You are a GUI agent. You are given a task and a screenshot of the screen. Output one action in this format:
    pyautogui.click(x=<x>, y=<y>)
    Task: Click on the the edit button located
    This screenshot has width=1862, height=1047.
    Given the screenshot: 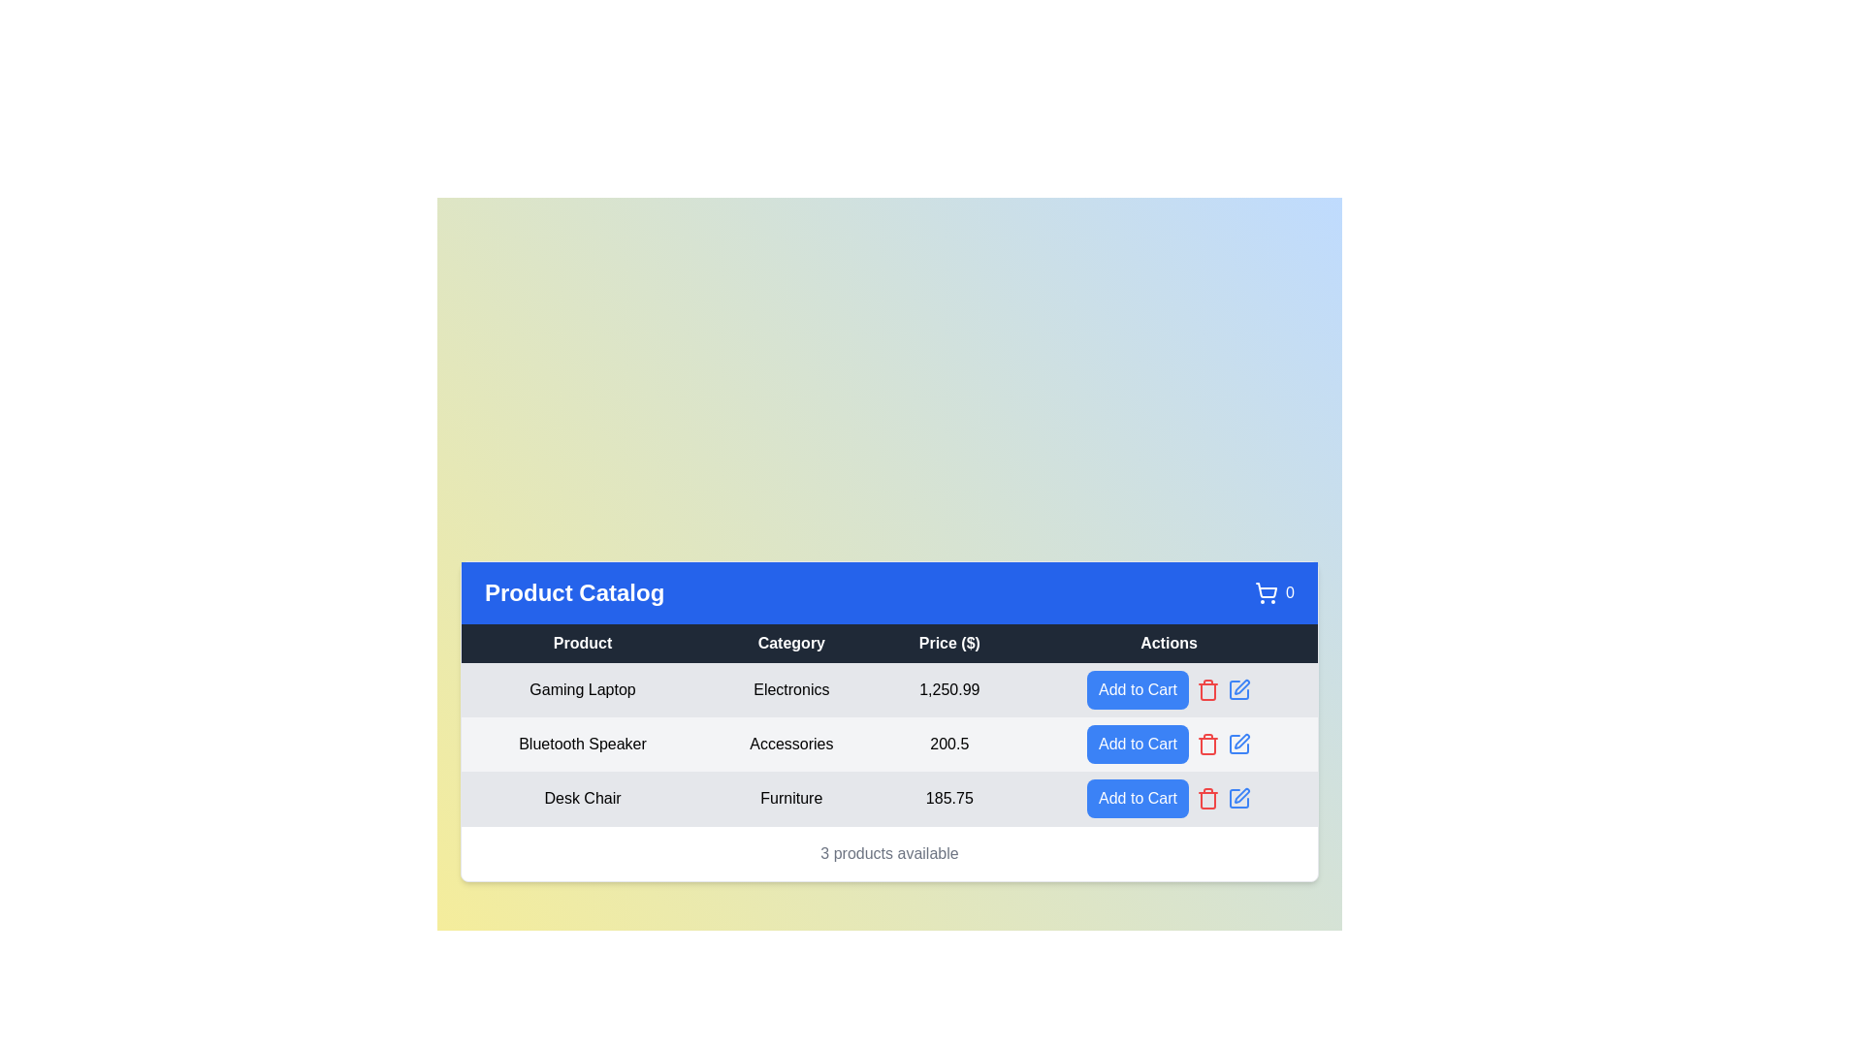 What is the action you would take?
    pyautogui.click(x=1237, y=798)
    